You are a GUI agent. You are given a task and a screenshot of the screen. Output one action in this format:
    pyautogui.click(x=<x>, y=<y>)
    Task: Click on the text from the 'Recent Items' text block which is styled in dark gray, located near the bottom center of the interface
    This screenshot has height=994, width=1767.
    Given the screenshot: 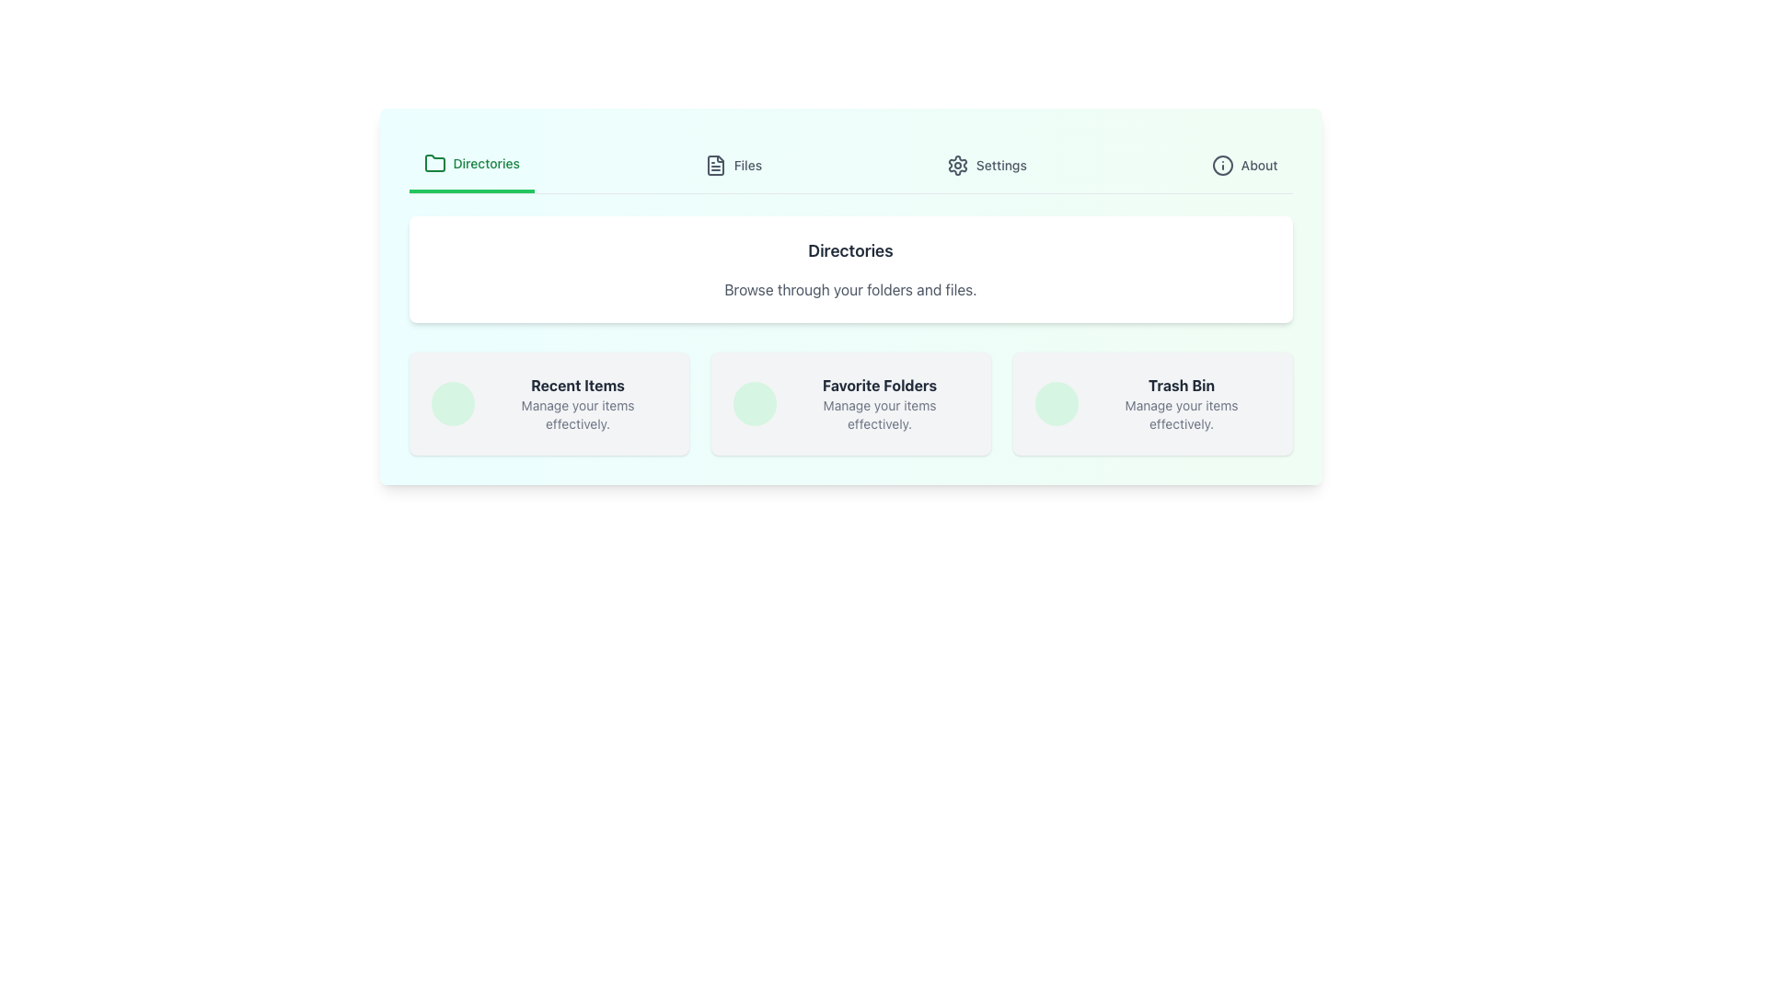 What is the action you would take?
    pyautogui.click(x=577, y=403)
    